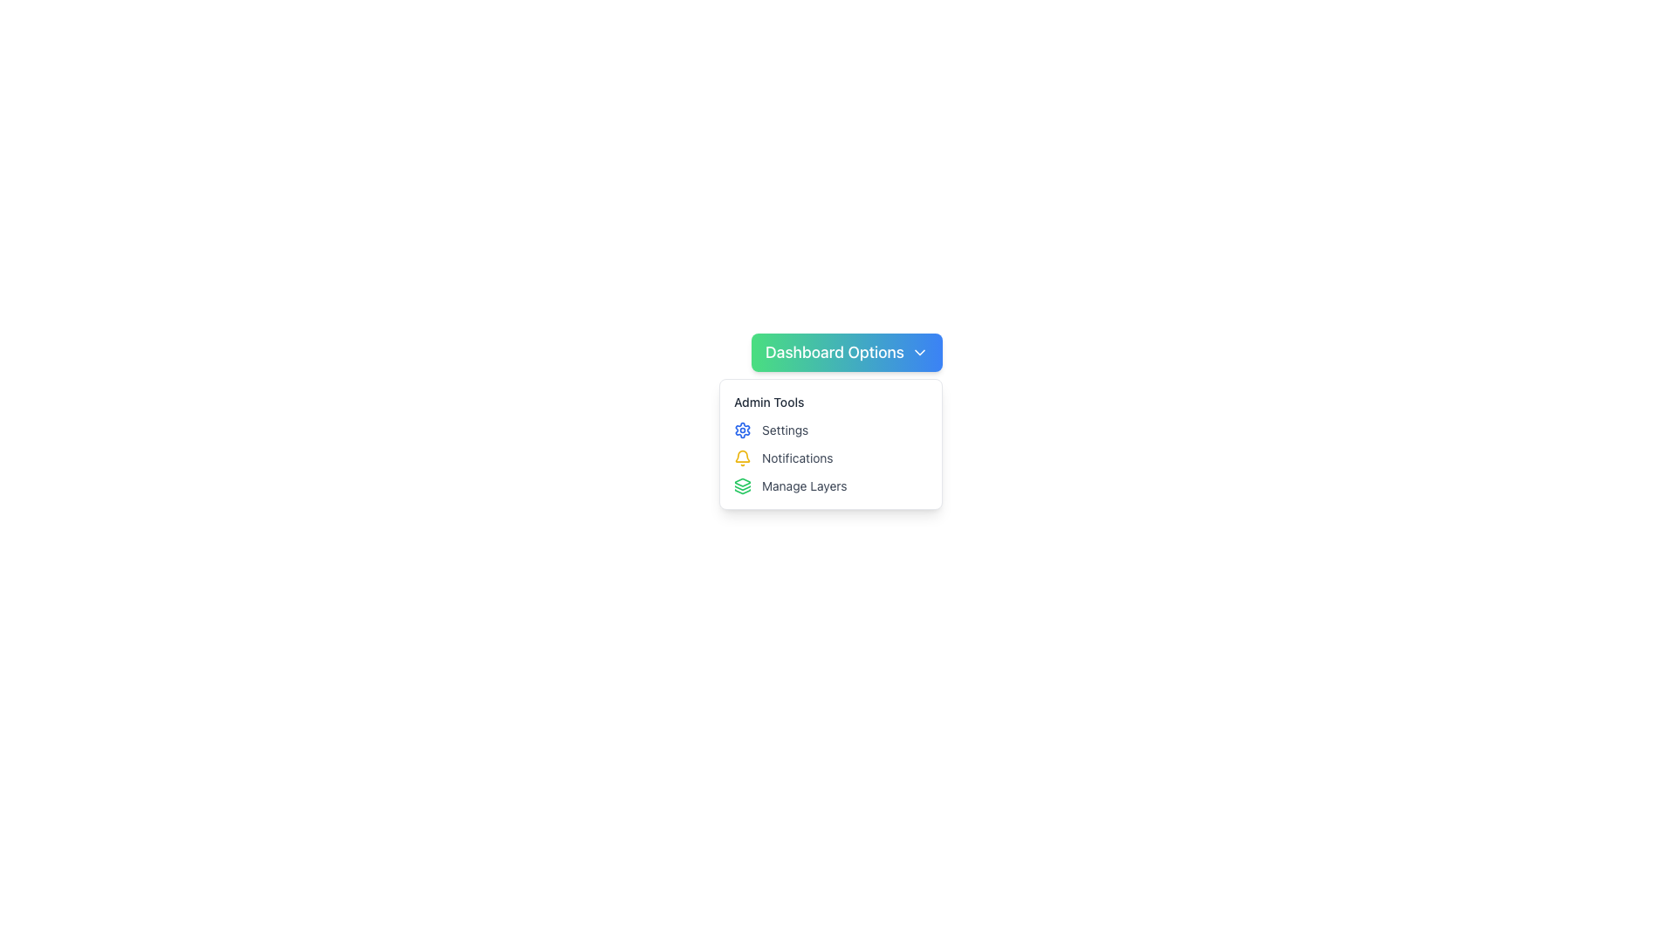  What do you see at coordinates (742, 492) in the screenshot?
I see `the decorative icon segment representing layers, which is located to the left of the 'Manage Layers' text in the dropdown menu` at bounding box center [742, 492].